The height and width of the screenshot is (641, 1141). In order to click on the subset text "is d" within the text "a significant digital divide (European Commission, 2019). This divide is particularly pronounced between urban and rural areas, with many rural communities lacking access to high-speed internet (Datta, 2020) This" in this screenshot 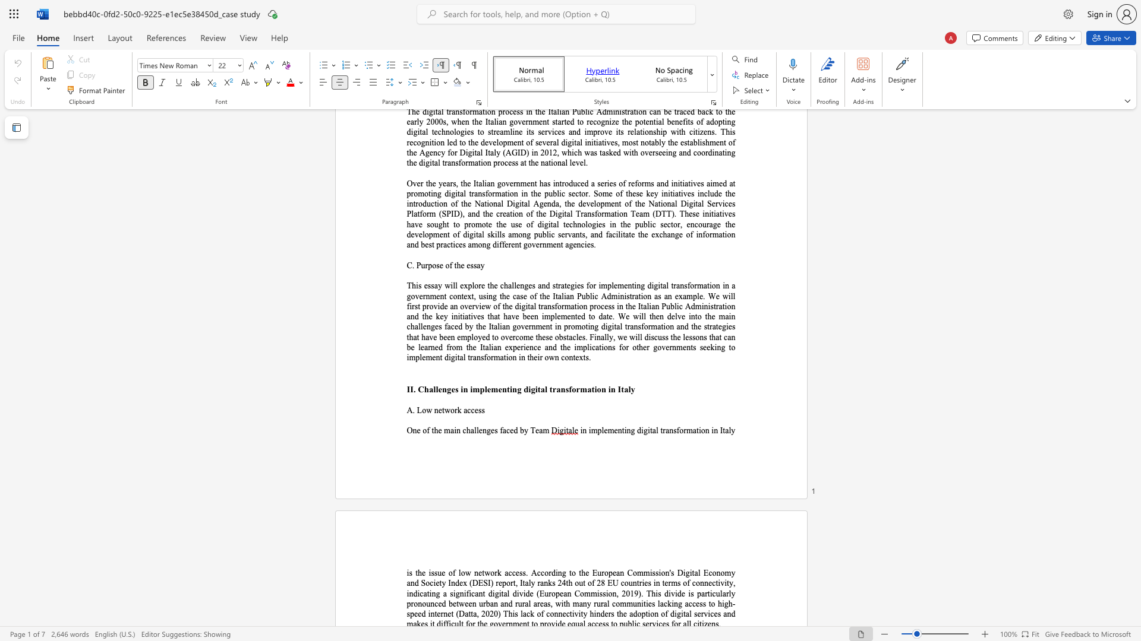, I will do `click(655, 594)`.